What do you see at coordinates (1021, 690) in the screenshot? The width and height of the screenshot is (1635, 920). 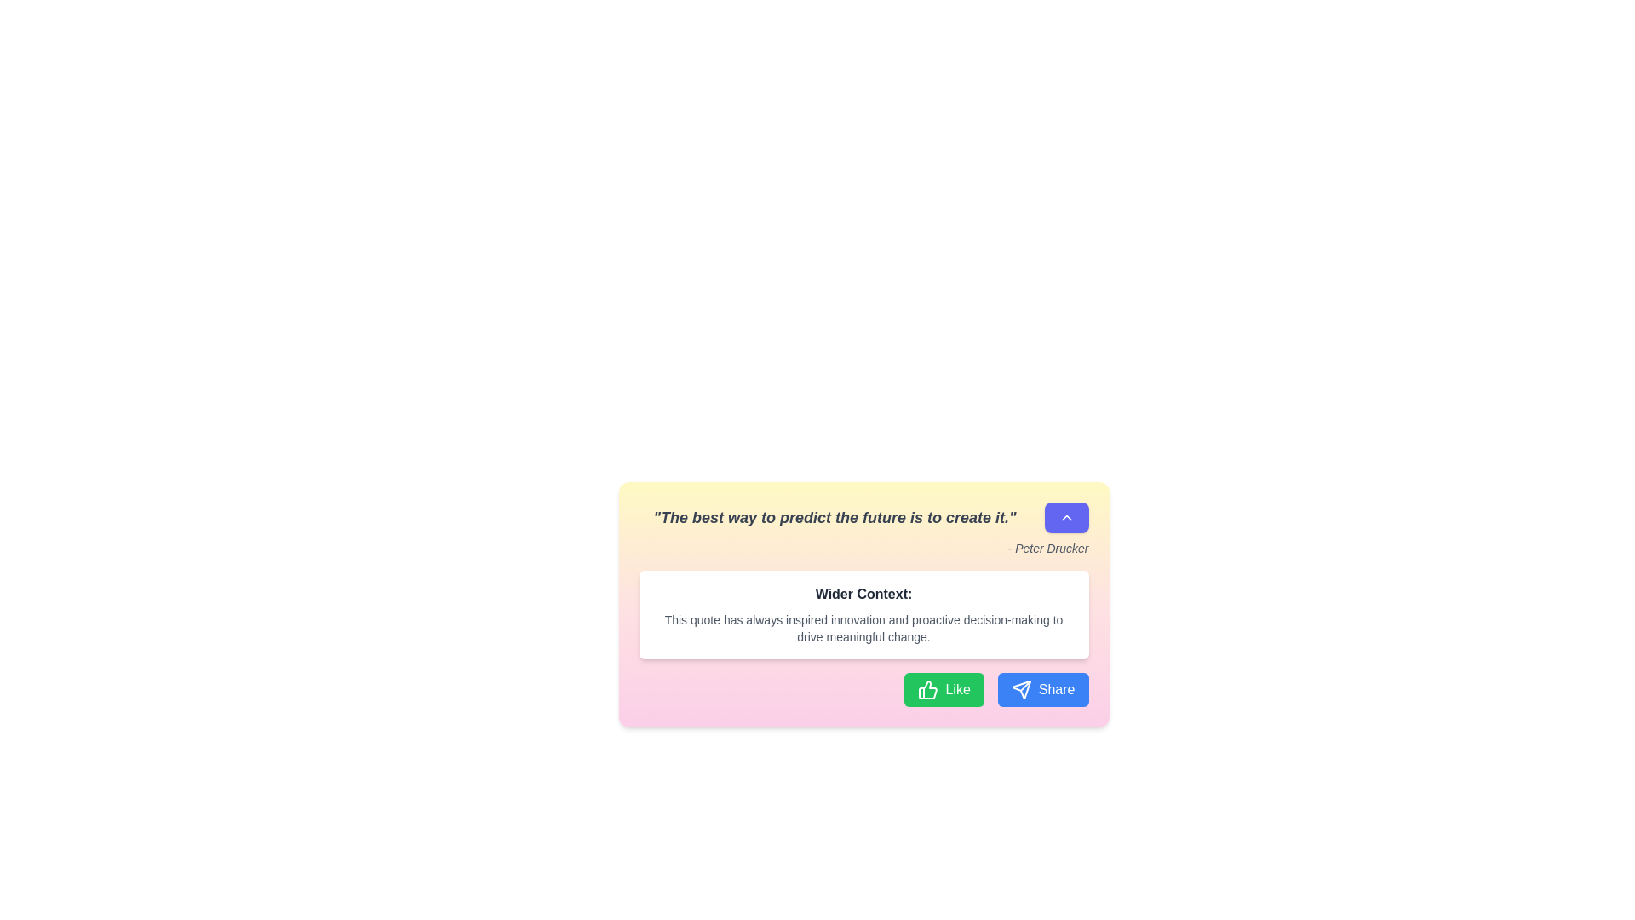 I see `the blue paper plane icon located at the bottom right corner of the panel` at bounding box center [1021, 690].